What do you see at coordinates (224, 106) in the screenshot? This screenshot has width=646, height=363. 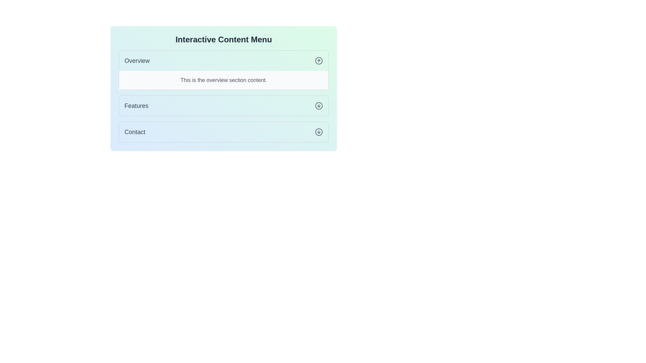 I see `the 'Features' button, which is the second option in a vertical list of interactive elements labeled 'Overview', 'Features', and 'Contact'` at bounding box center [224, 106].